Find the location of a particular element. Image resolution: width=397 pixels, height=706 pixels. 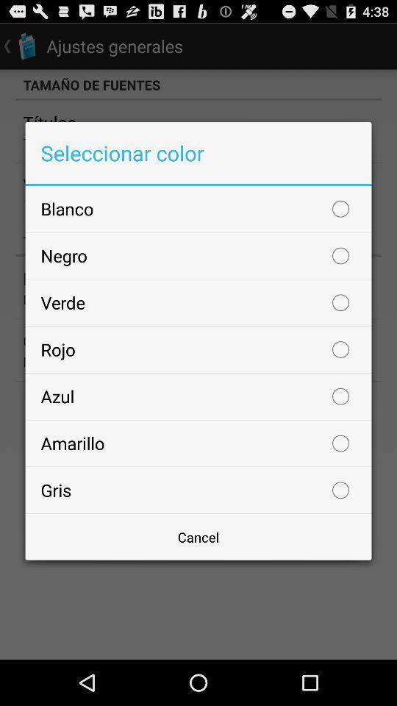

the cancel item is located at coordinates (198, 536).